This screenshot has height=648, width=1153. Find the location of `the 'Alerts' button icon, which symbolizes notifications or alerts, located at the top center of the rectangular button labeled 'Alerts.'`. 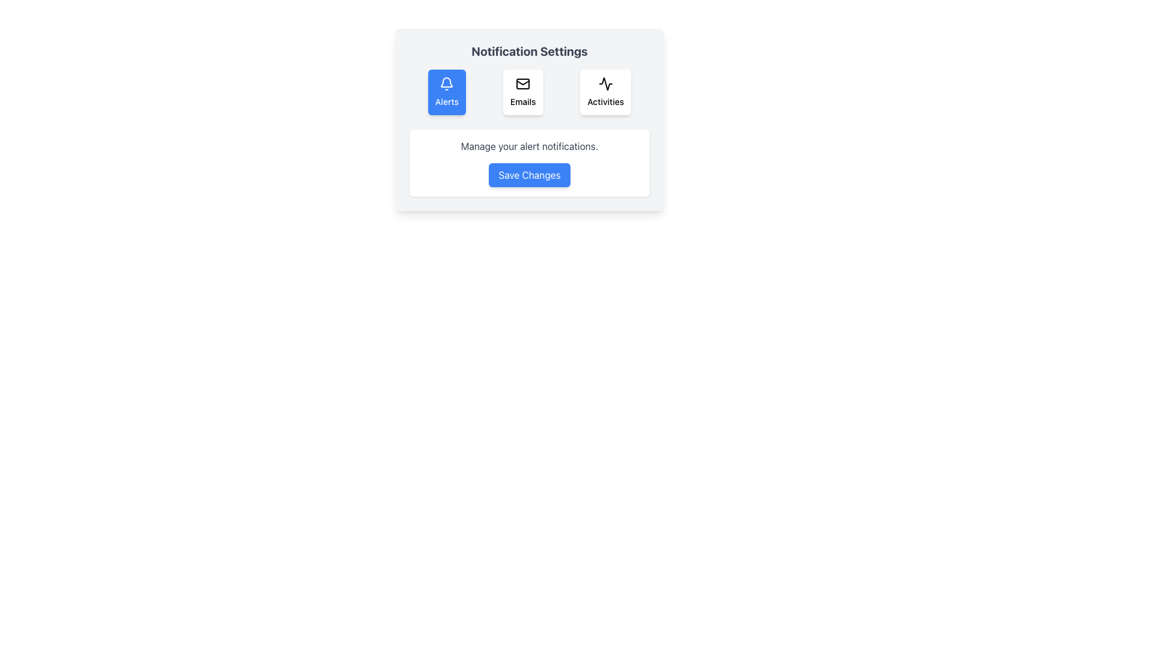

the 'Alerts' button icon, which symbolizes notifications or alerts, located at the top center of the rectangular button labeled 'Alerts.' is located at coordinates (446, 83).